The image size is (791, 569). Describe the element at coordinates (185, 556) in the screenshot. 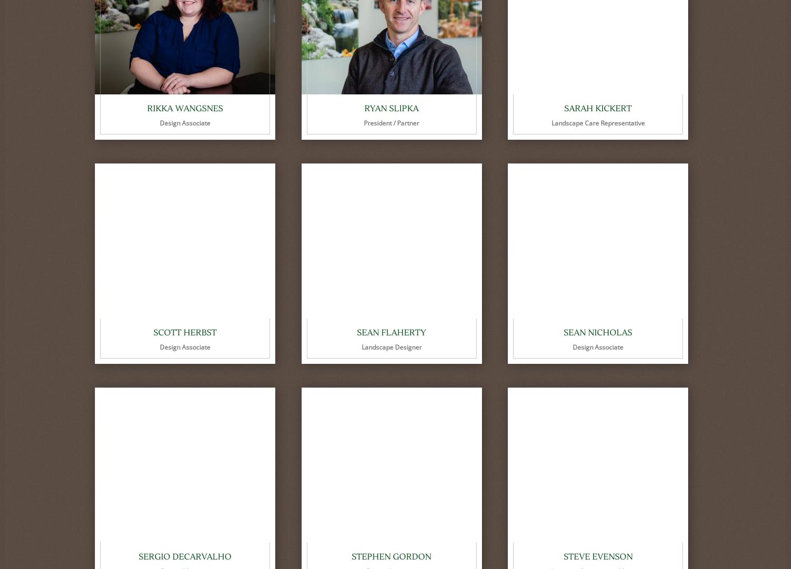

I see `'Sergio DeCarvalho'` at that location.